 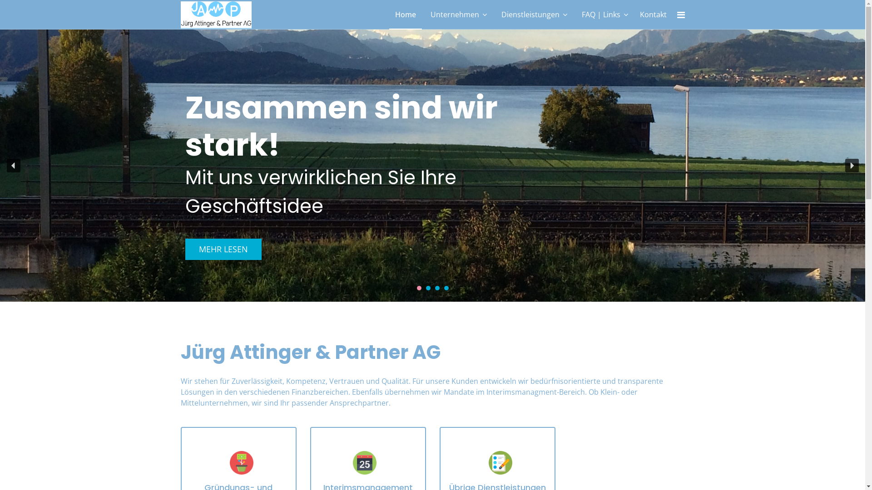 I want to click on 'Kontakt', so click(x=653, y=15).